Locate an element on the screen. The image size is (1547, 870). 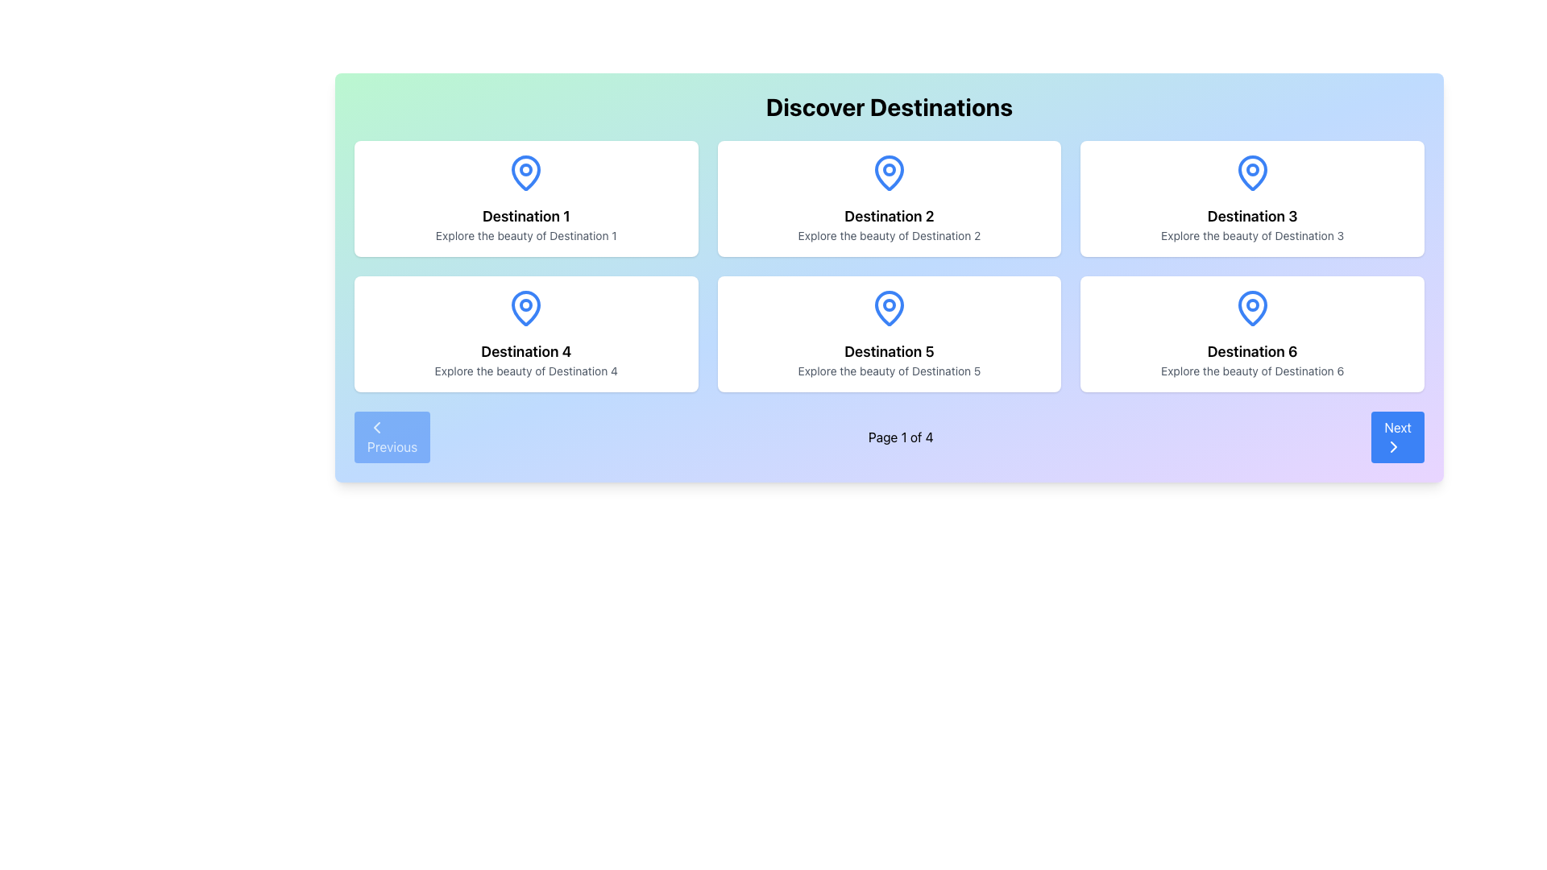
the title text of the card representing 'Destination 6', located in the bottom-right card of a 2x3 grid layout is located at coordinates (1251, 350).